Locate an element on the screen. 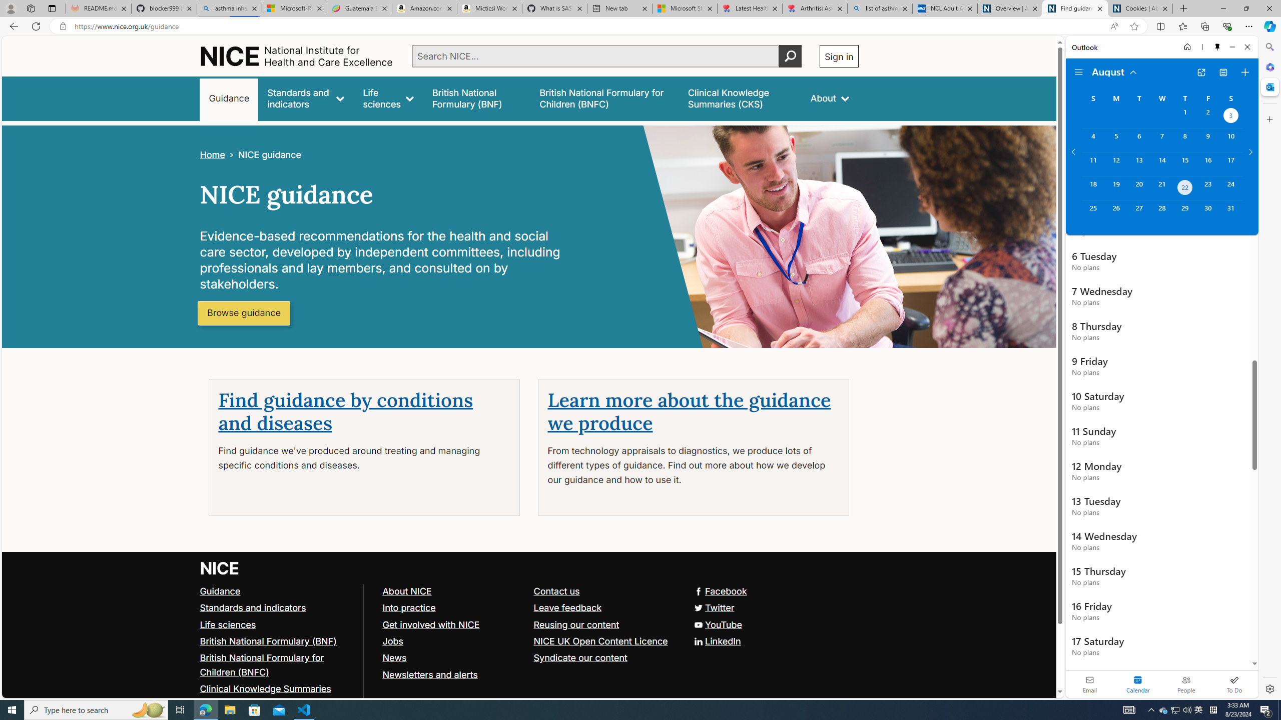  'Perform search' is located at coordinates (790, 55).